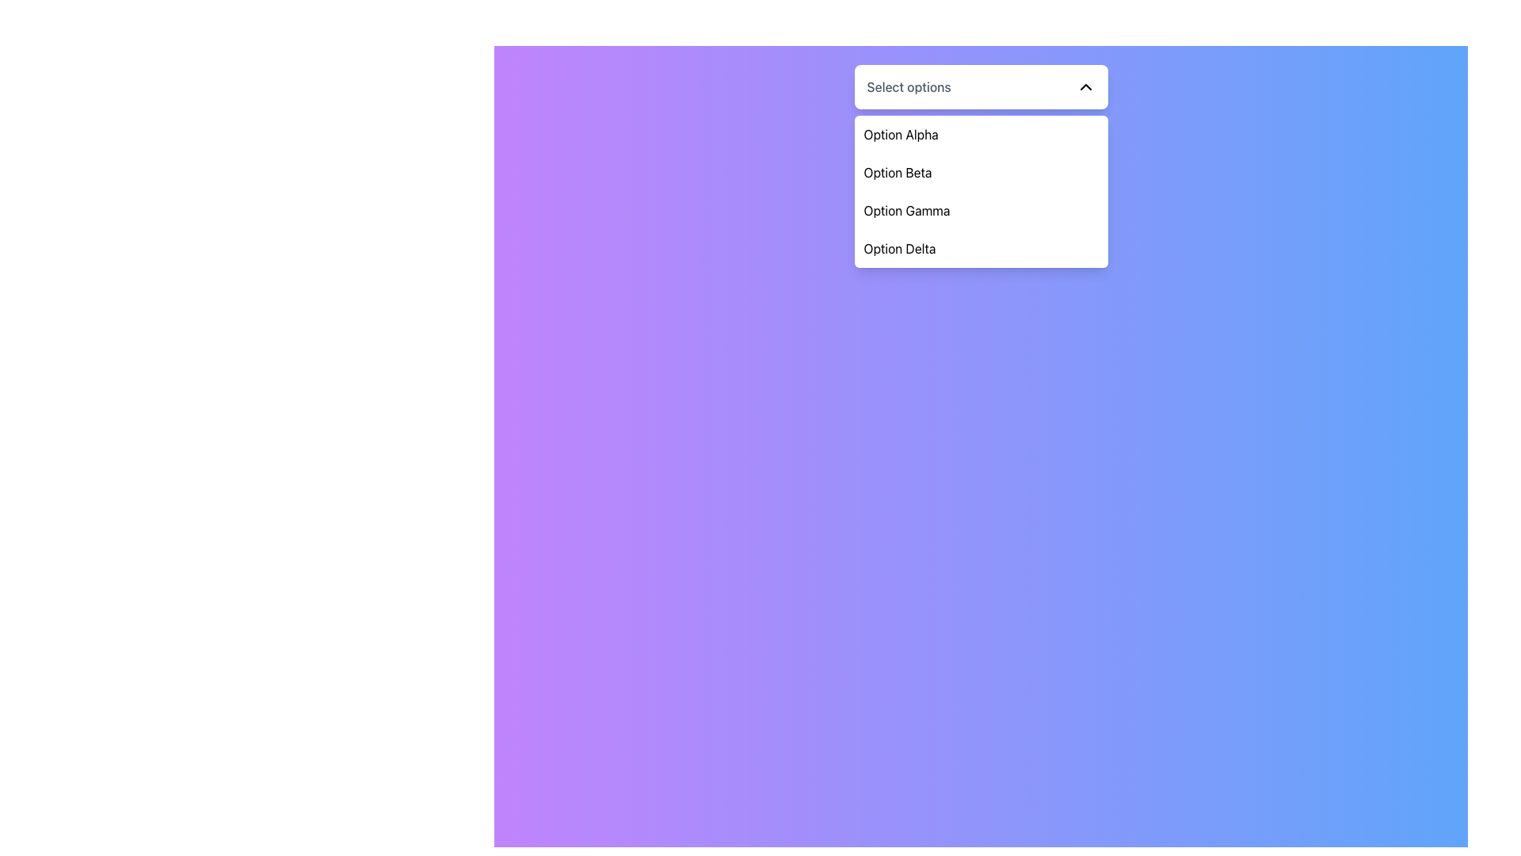 Image resolution: width=1521 pixels, height=856 pixels. I want to click on to select the dropdown menu item labeled 'Option Delta', which is the fourth option in a vertically stacked list within the dropdown panel, so click(899, 248).